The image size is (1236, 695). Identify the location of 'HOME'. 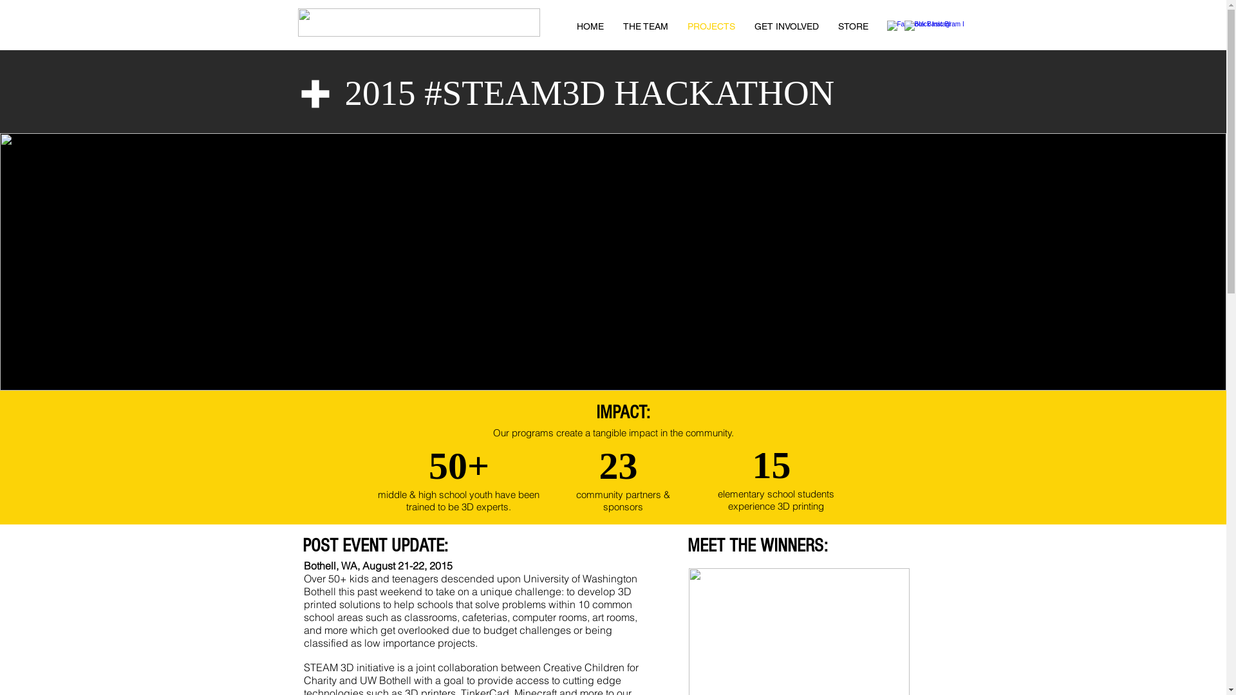
(589, 26).